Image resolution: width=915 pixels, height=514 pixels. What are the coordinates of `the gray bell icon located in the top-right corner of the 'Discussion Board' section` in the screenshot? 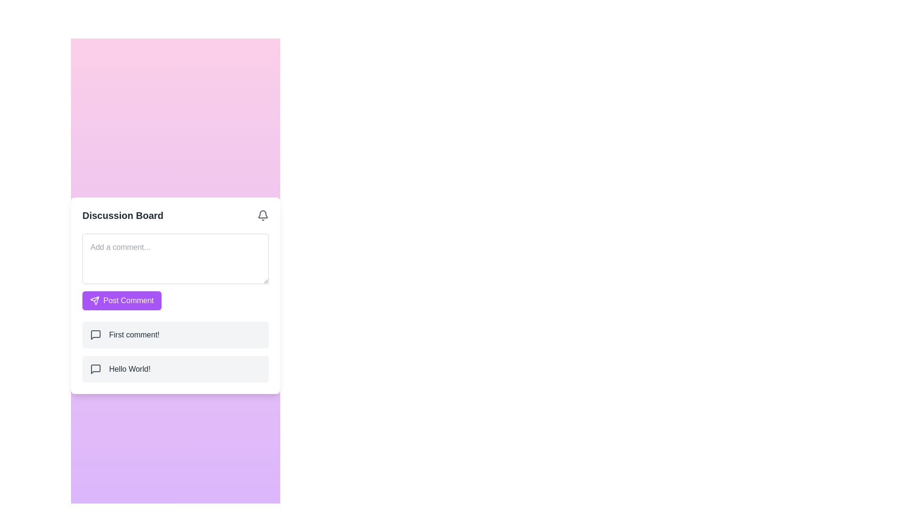 It's located at (263, 215).